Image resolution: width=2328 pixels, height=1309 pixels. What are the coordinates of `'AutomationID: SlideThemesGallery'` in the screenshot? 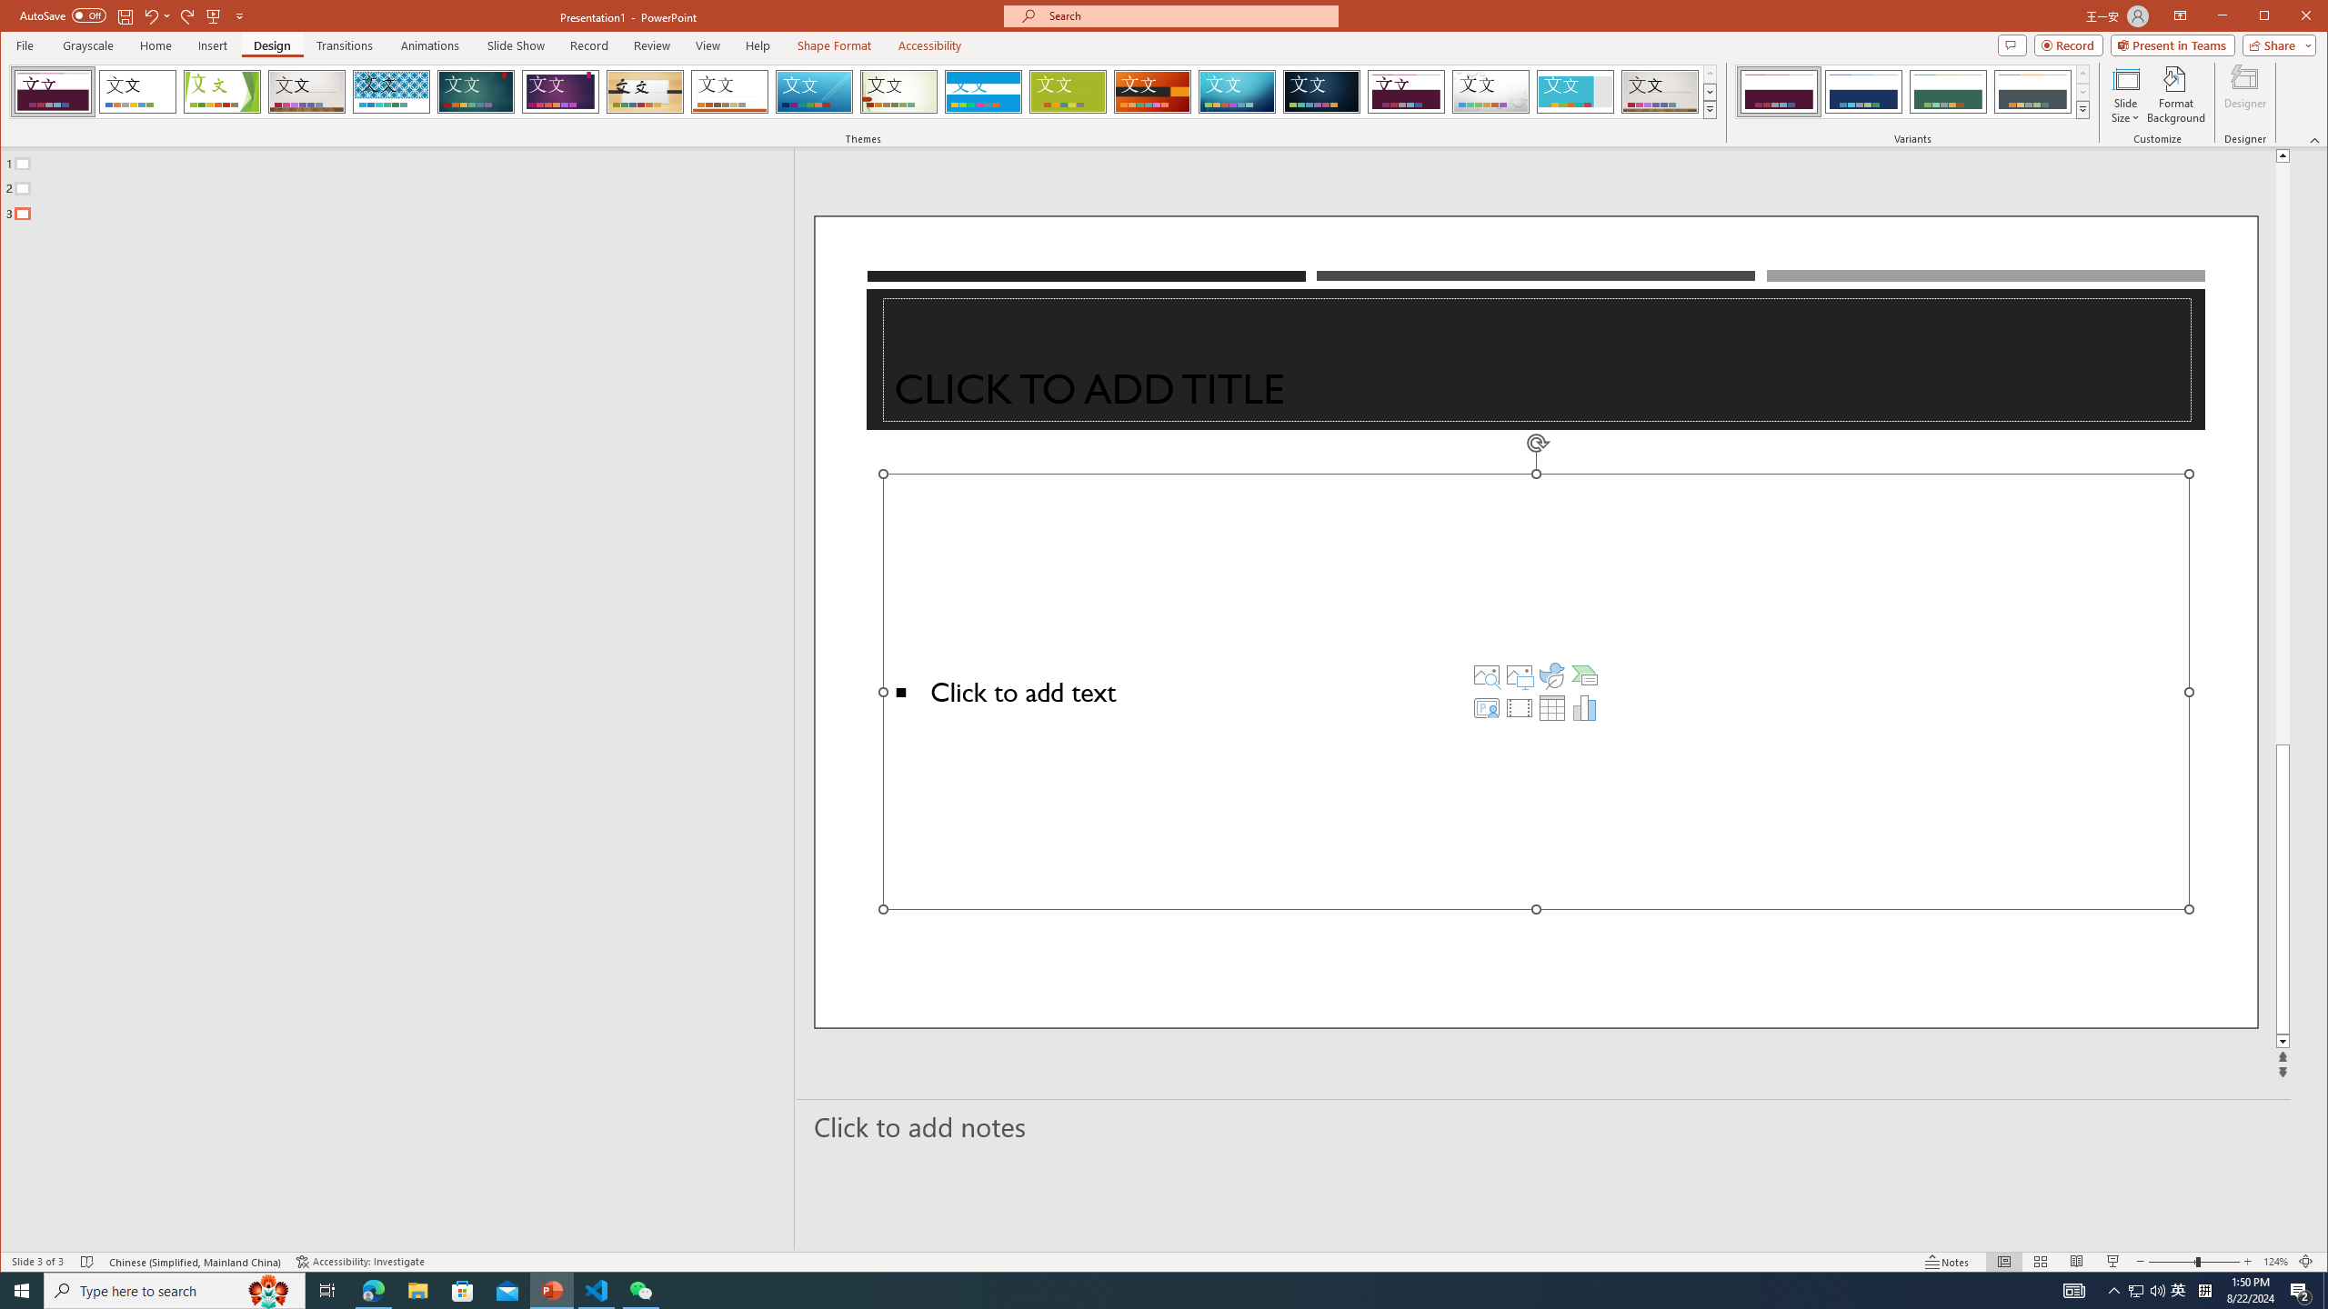 It's located at (864, 90).